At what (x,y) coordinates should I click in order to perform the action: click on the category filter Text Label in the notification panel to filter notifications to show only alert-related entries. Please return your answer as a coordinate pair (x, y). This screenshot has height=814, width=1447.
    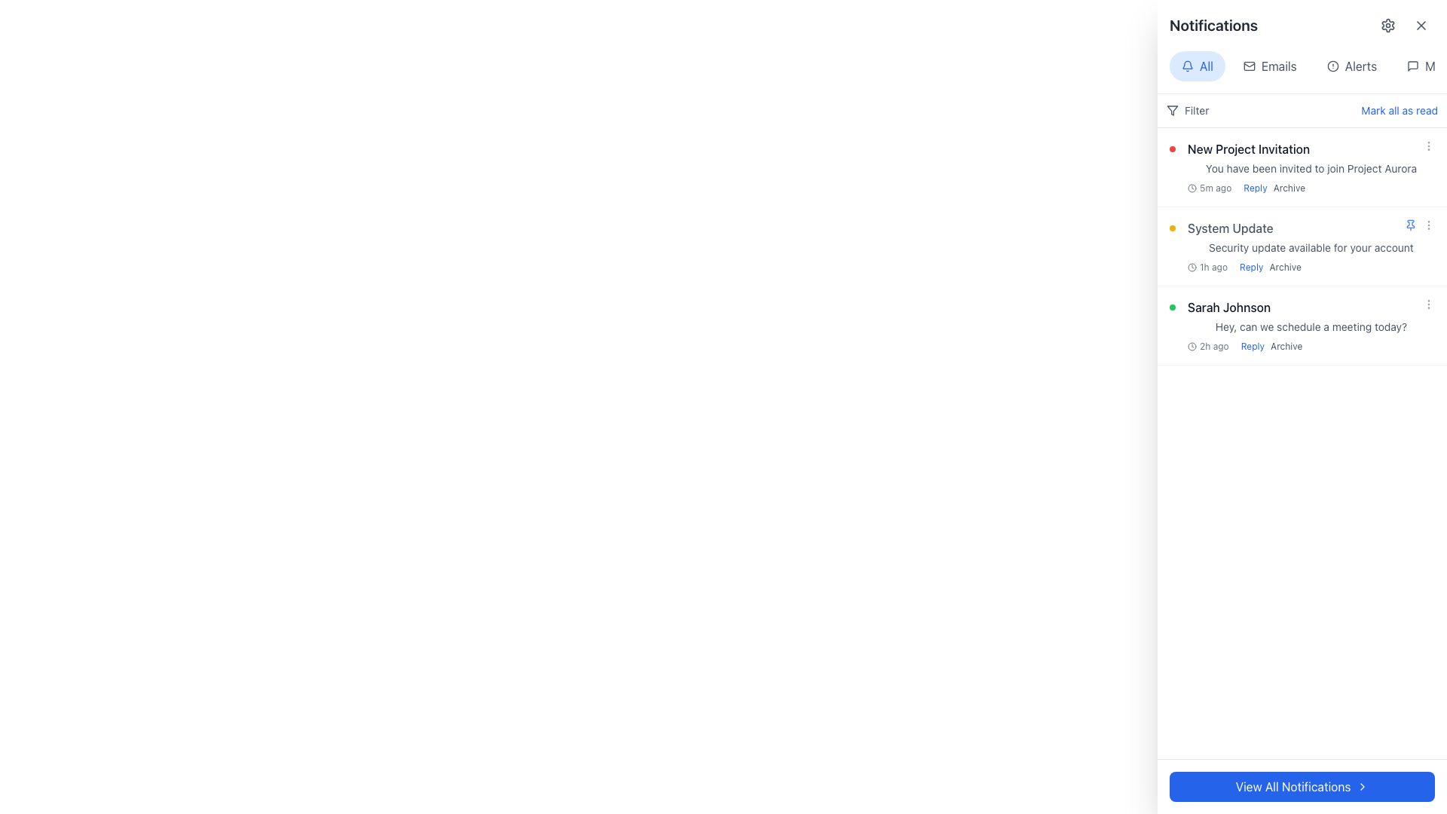
    Looking at the image, I should click on (1360, 66).